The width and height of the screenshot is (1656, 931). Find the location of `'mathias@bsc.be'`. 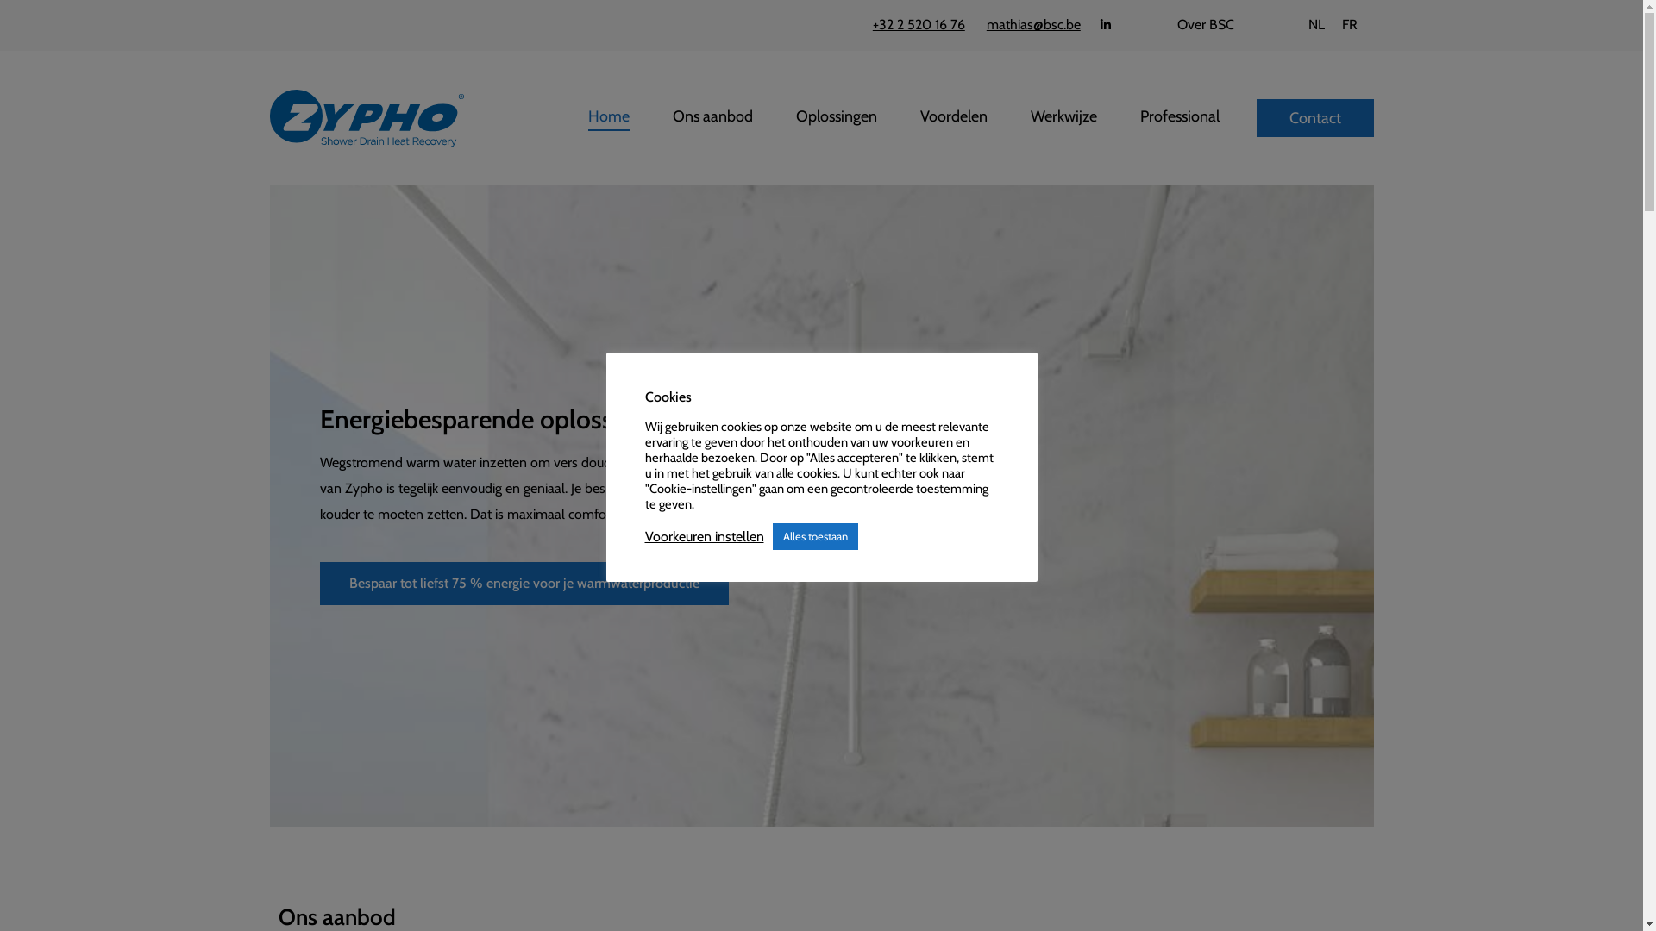

'mathias@bsc.be' is located at coordinates (1033, 25).